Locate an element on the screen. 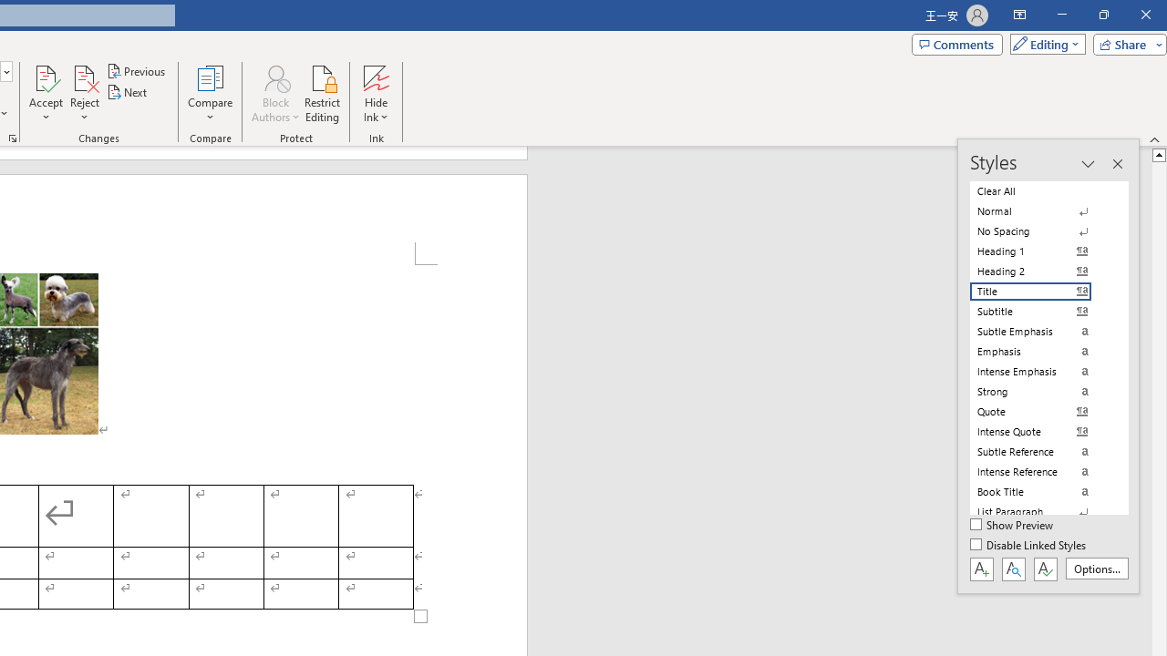  'Heading 2' is located at coordinates (1041, 272).